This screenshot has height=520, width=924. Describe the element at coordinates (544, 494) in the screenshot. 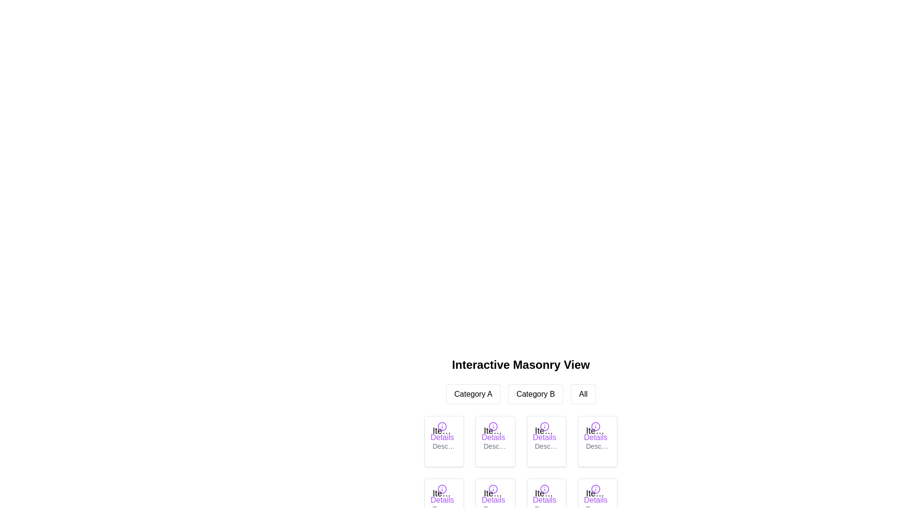

I see `the hyperlink located in the top-right corner of the card labeled 'Item 7'` at that location.